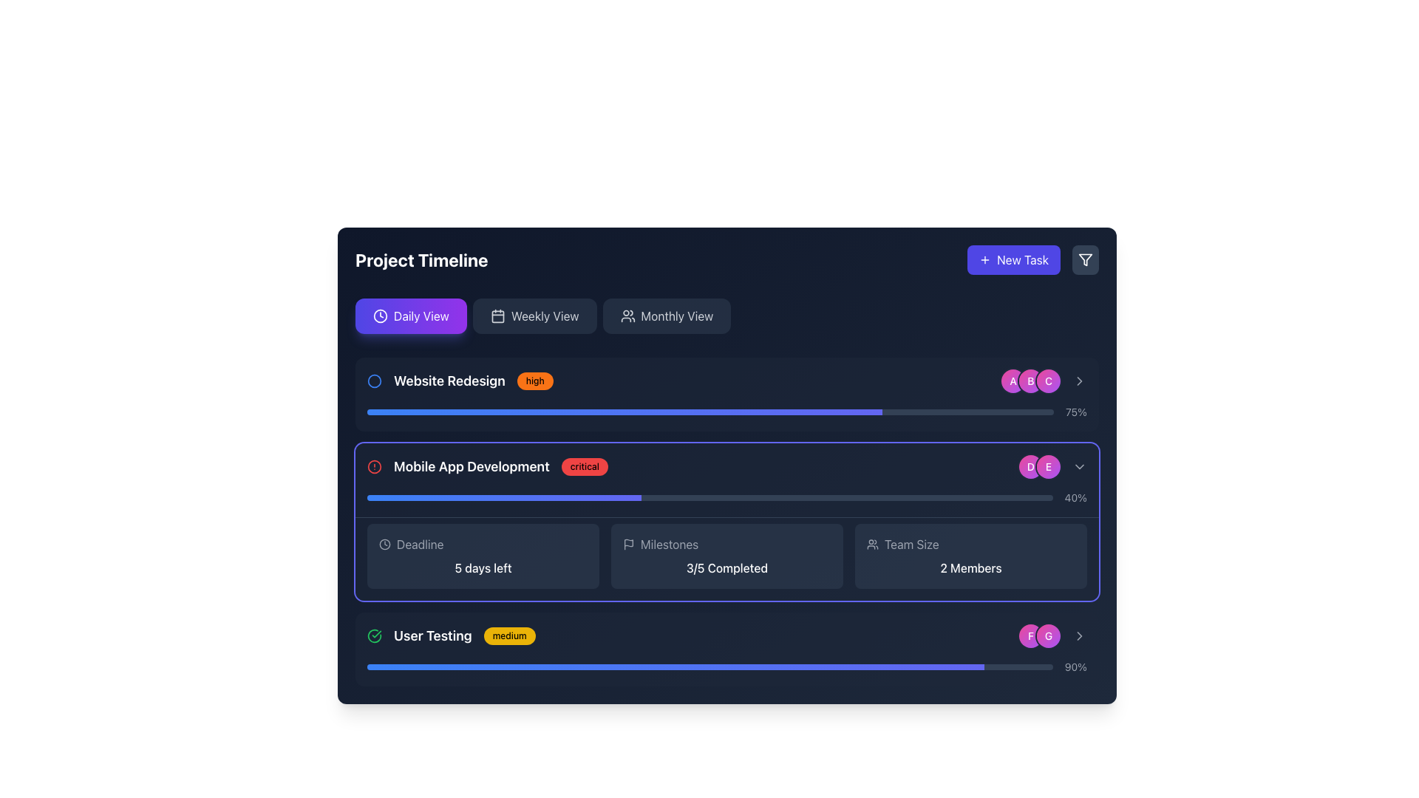 This screenshot has height=798, width=1419. I want to click on the progress value, so click(922, 666).